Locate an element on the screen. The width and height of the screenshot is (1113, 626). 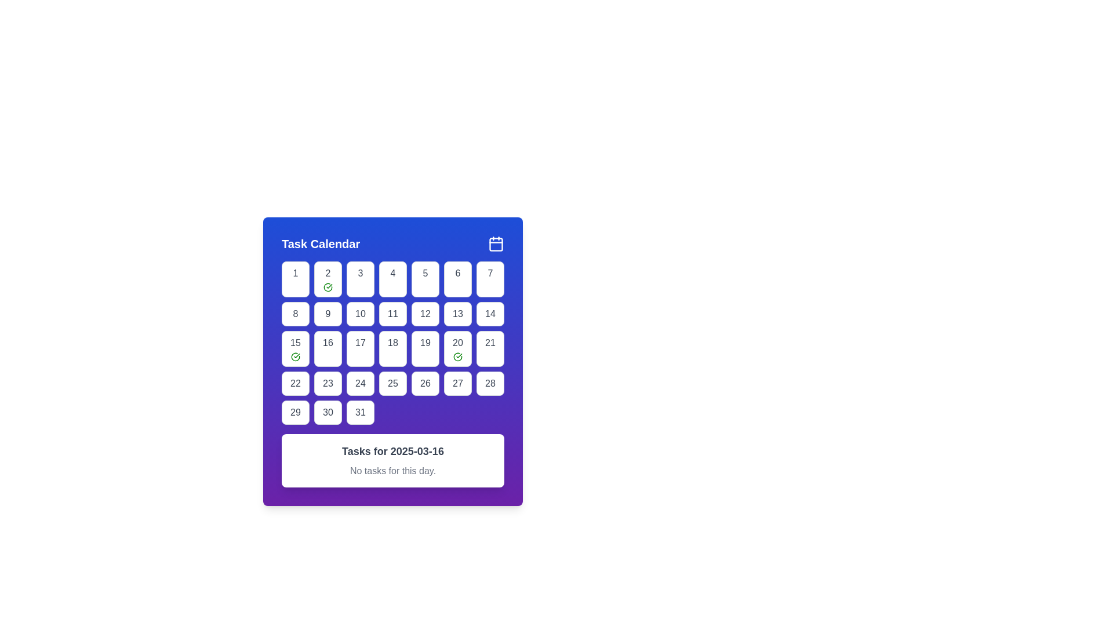
the small rectangular button displaying the number '12' in bold black font is located at coordinates (425, 314).